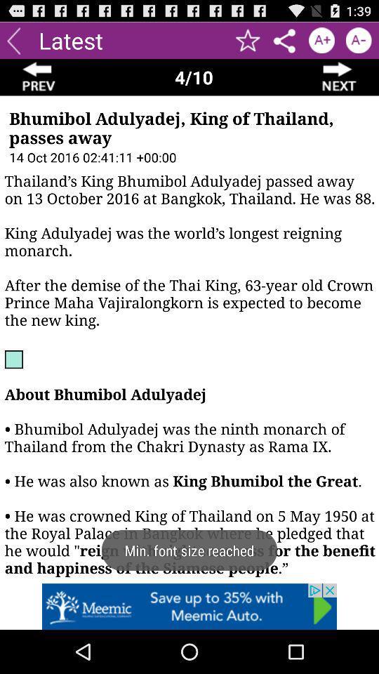  What do you see at coordinates (284, 39) in the screenshot?
I see `settiongs` at bounding box center [284, 39].